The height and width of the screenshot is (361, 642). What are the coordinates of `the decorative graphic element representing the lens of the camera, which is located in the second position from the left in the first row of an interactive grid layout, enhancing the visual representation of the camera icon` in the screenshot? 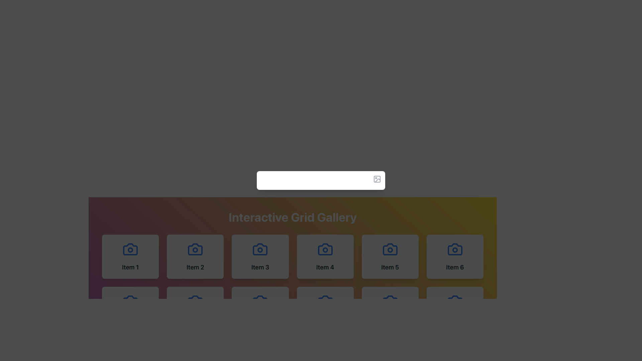 It's located at (195, 250).